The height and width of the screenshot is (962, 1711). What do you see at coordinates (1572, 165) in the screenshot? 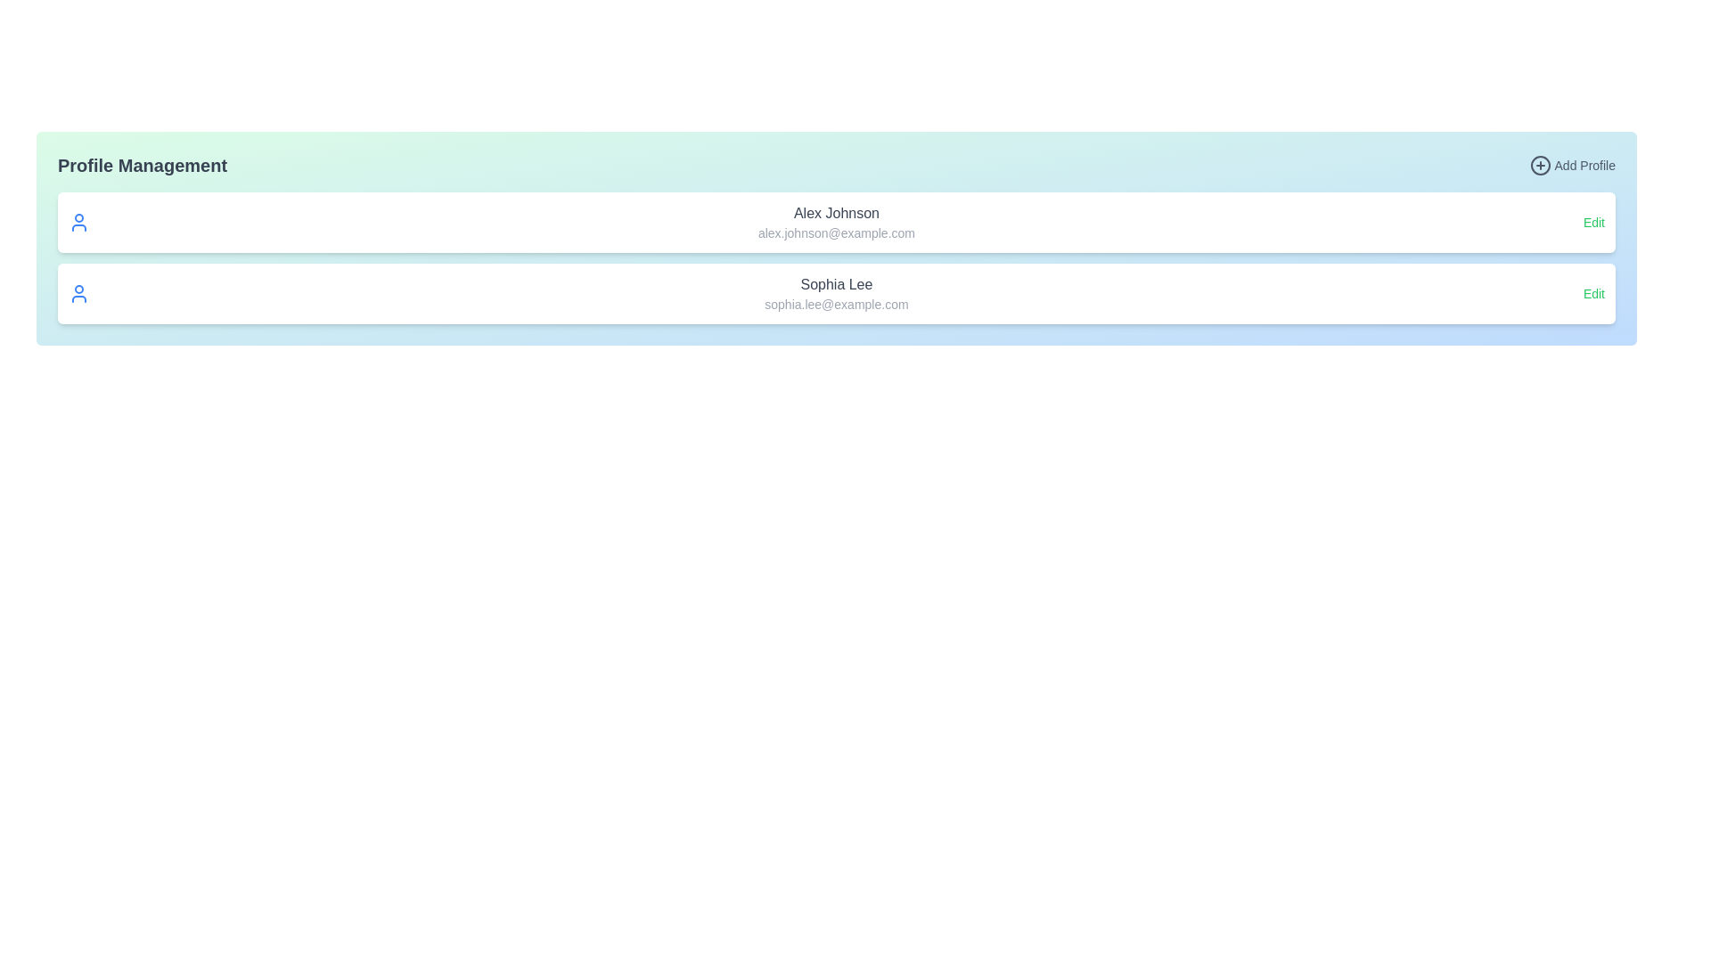
I see `the 'Add Profile' button located in the header of the 'Profile Management' section on the right-most side to change its visual styling` at bounding box center [1572, 165].